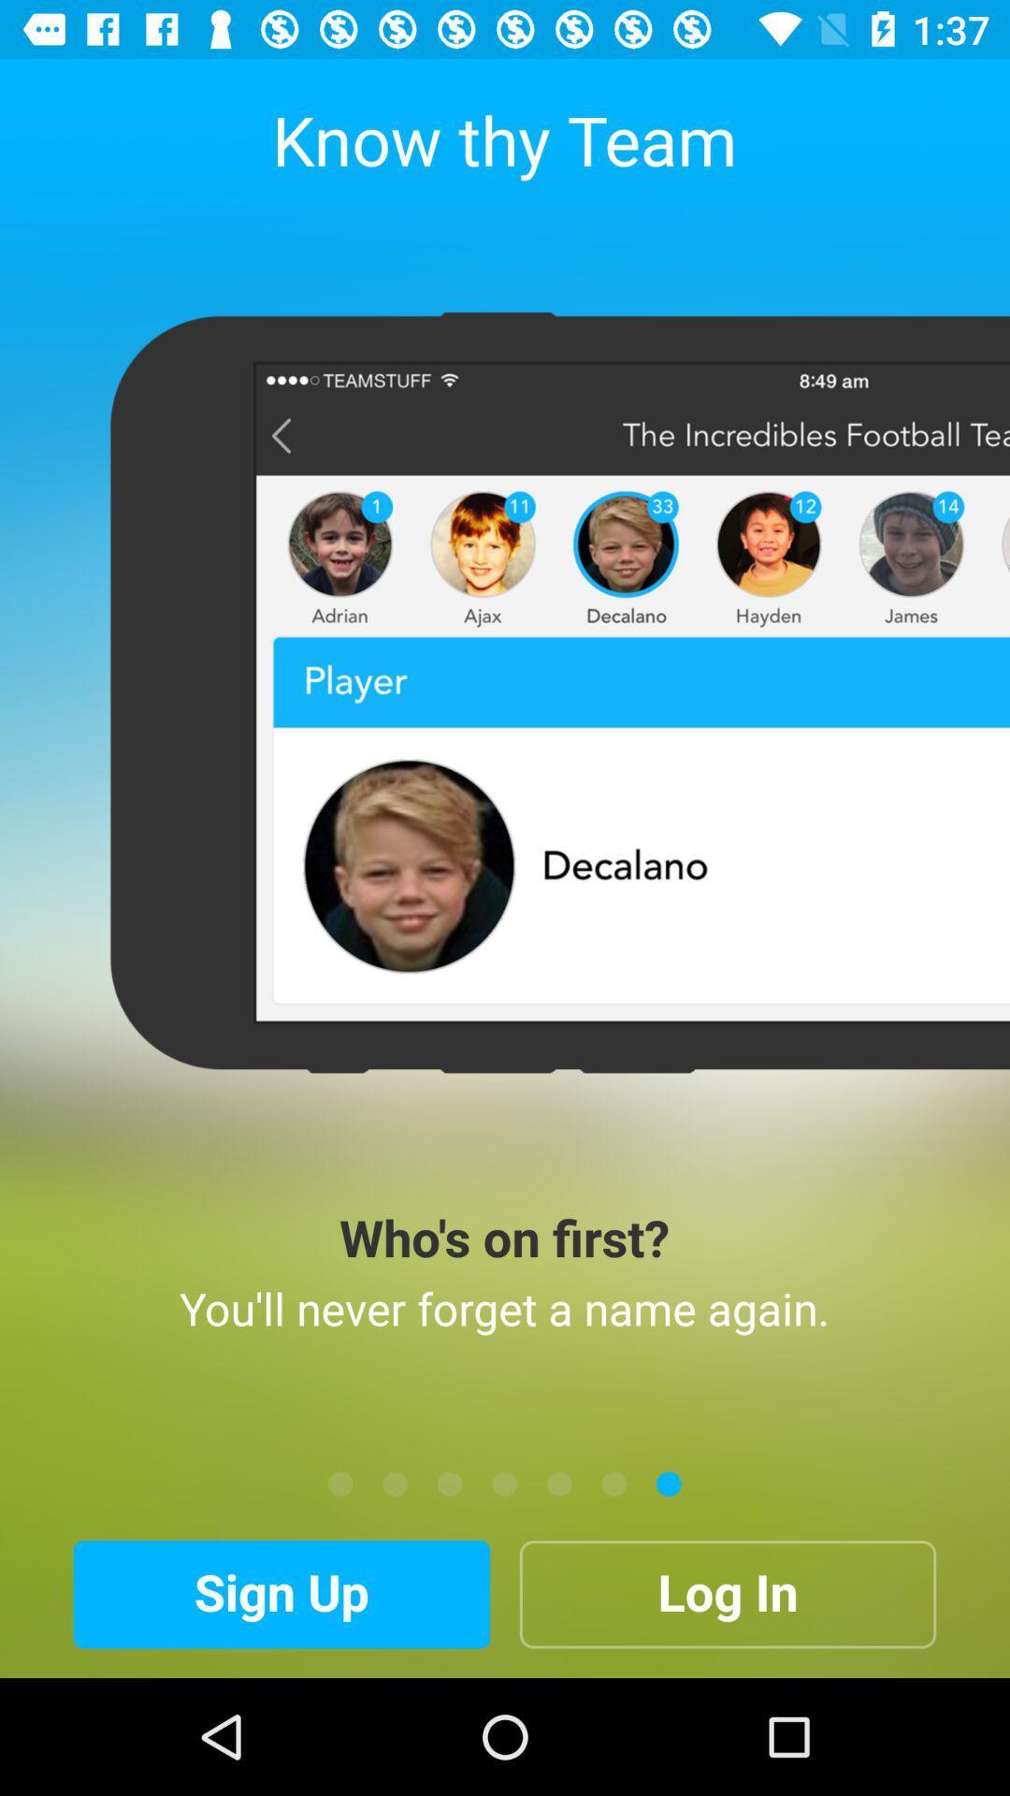 The image size is (1010, 1796). Describe the element at coordinates (558, 1483) in the screenshot. I see `current page` at that location.